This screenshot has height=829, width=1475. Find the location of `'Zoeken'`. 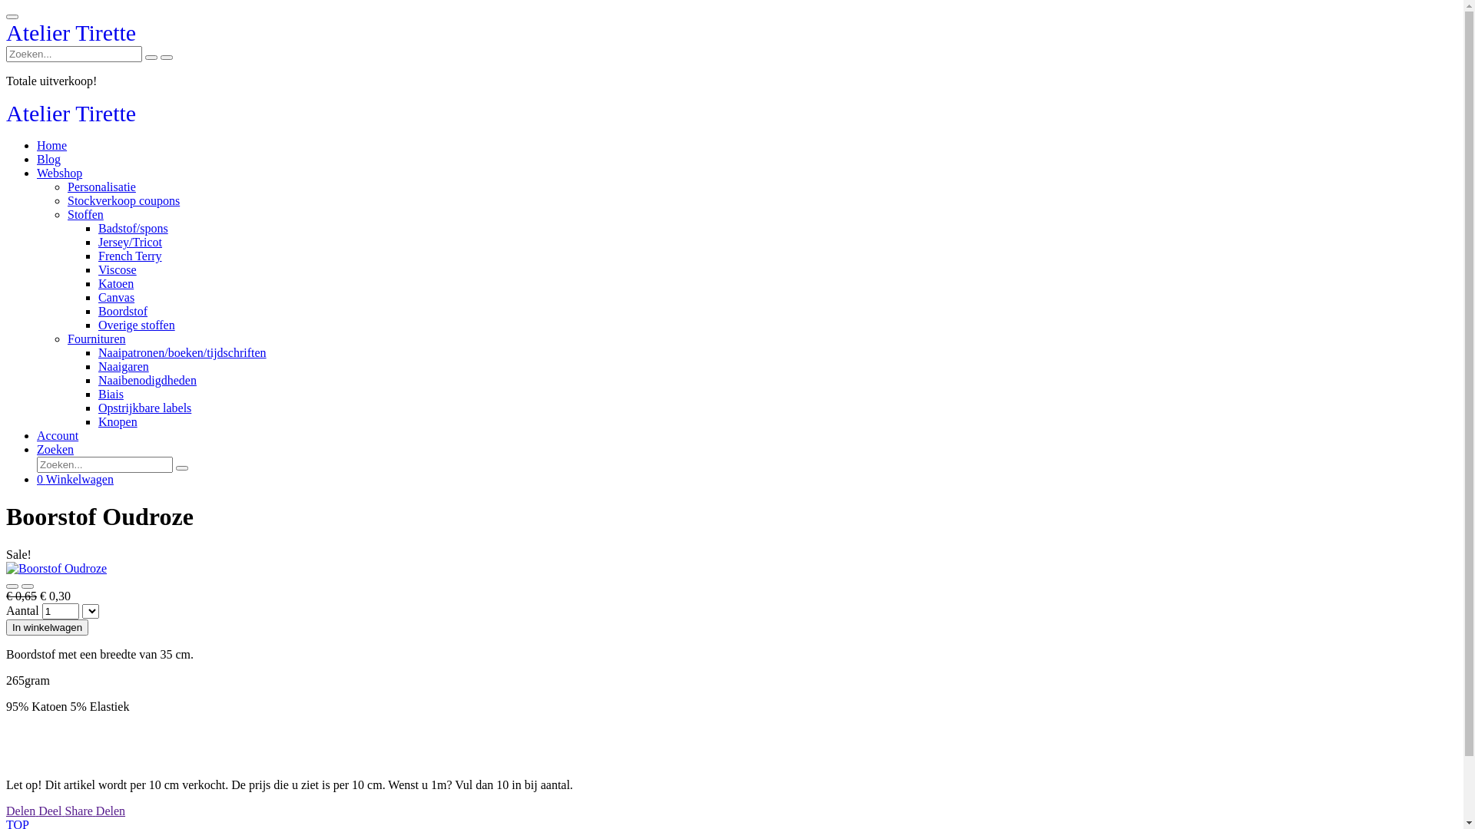

'Zoeken' is located at coordinates (55, 449).